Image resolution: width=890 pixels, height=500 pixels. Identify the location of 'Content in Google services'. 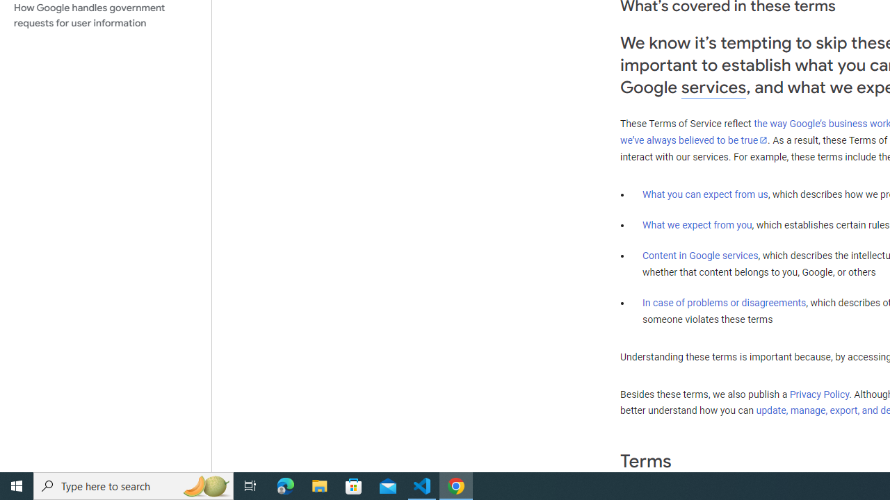
(700, 256).